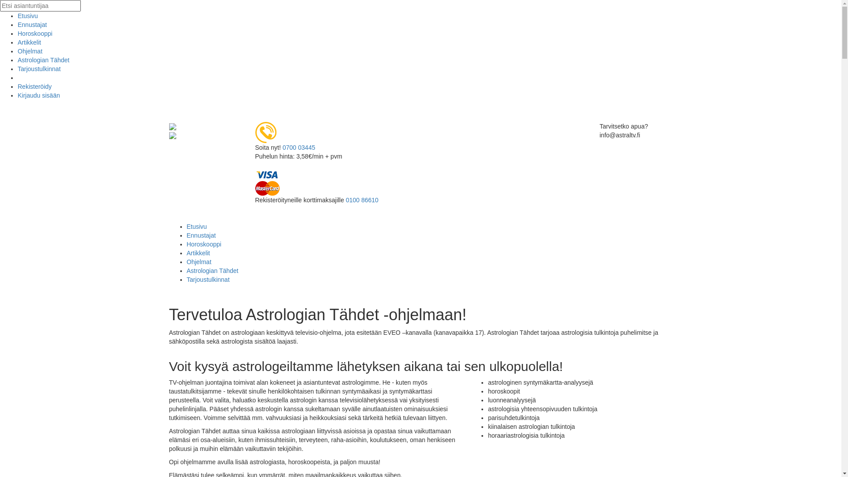 This screenshot has width=848, height=477. Describe the element at coordinates (196, 226) in the screenshot. I see `'Etusivu'` at that location.